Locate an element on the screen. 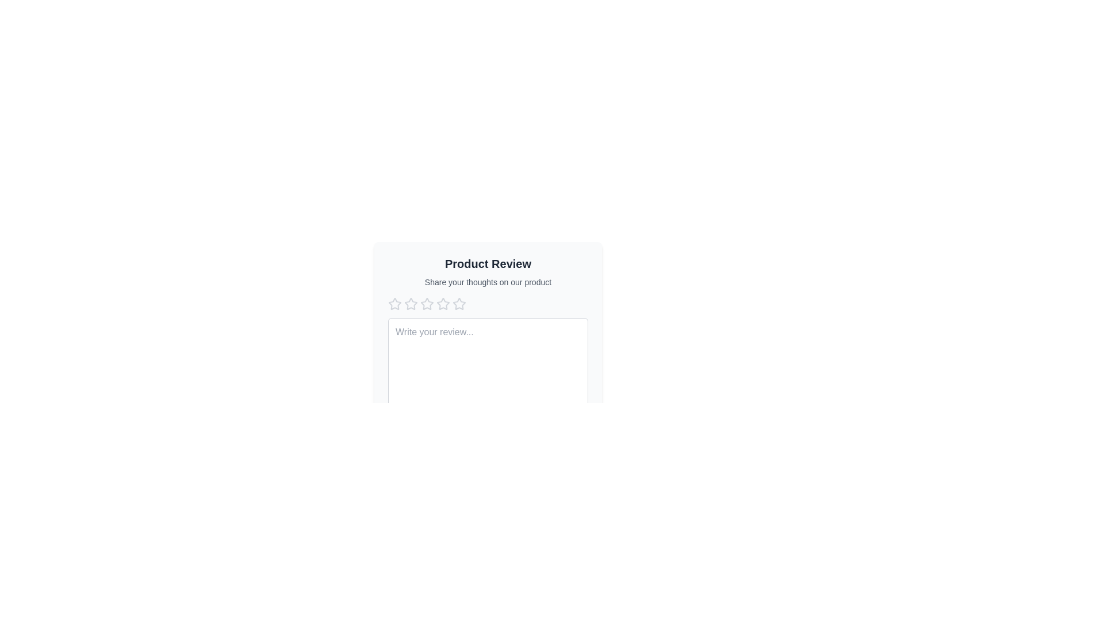  the second star icon in the rating system for product reviews is located at coordinates (427, 303).